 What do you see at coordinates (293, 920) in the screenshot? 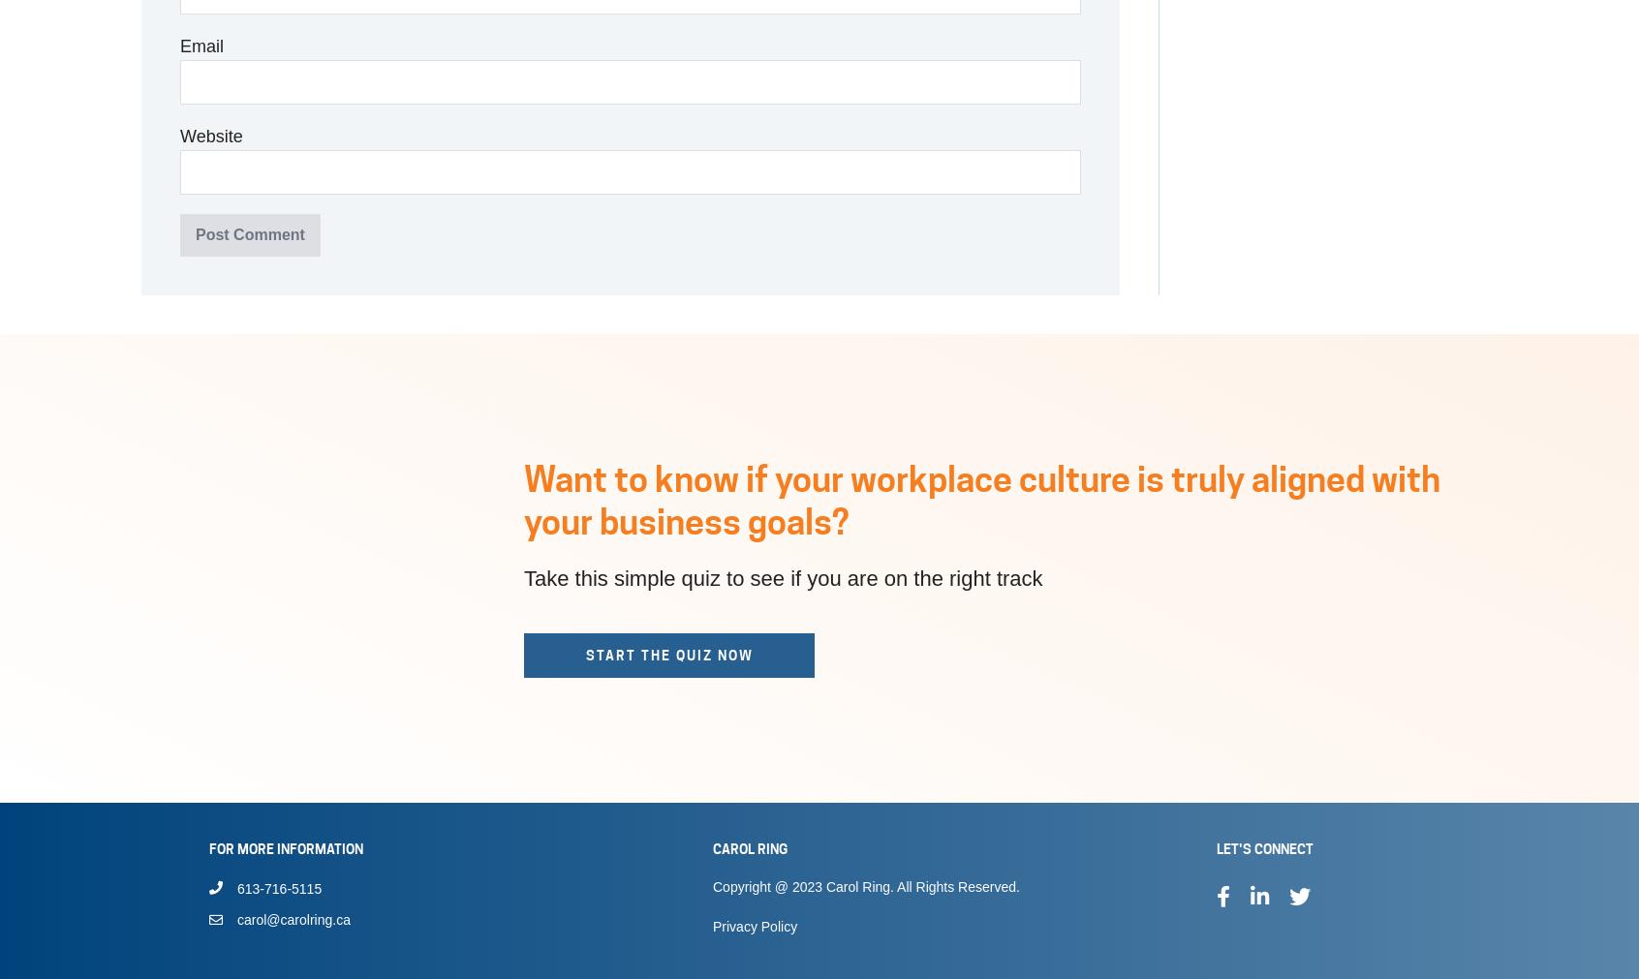
I see `'carol@carolring.ca'` at bounding box center [293, 920].